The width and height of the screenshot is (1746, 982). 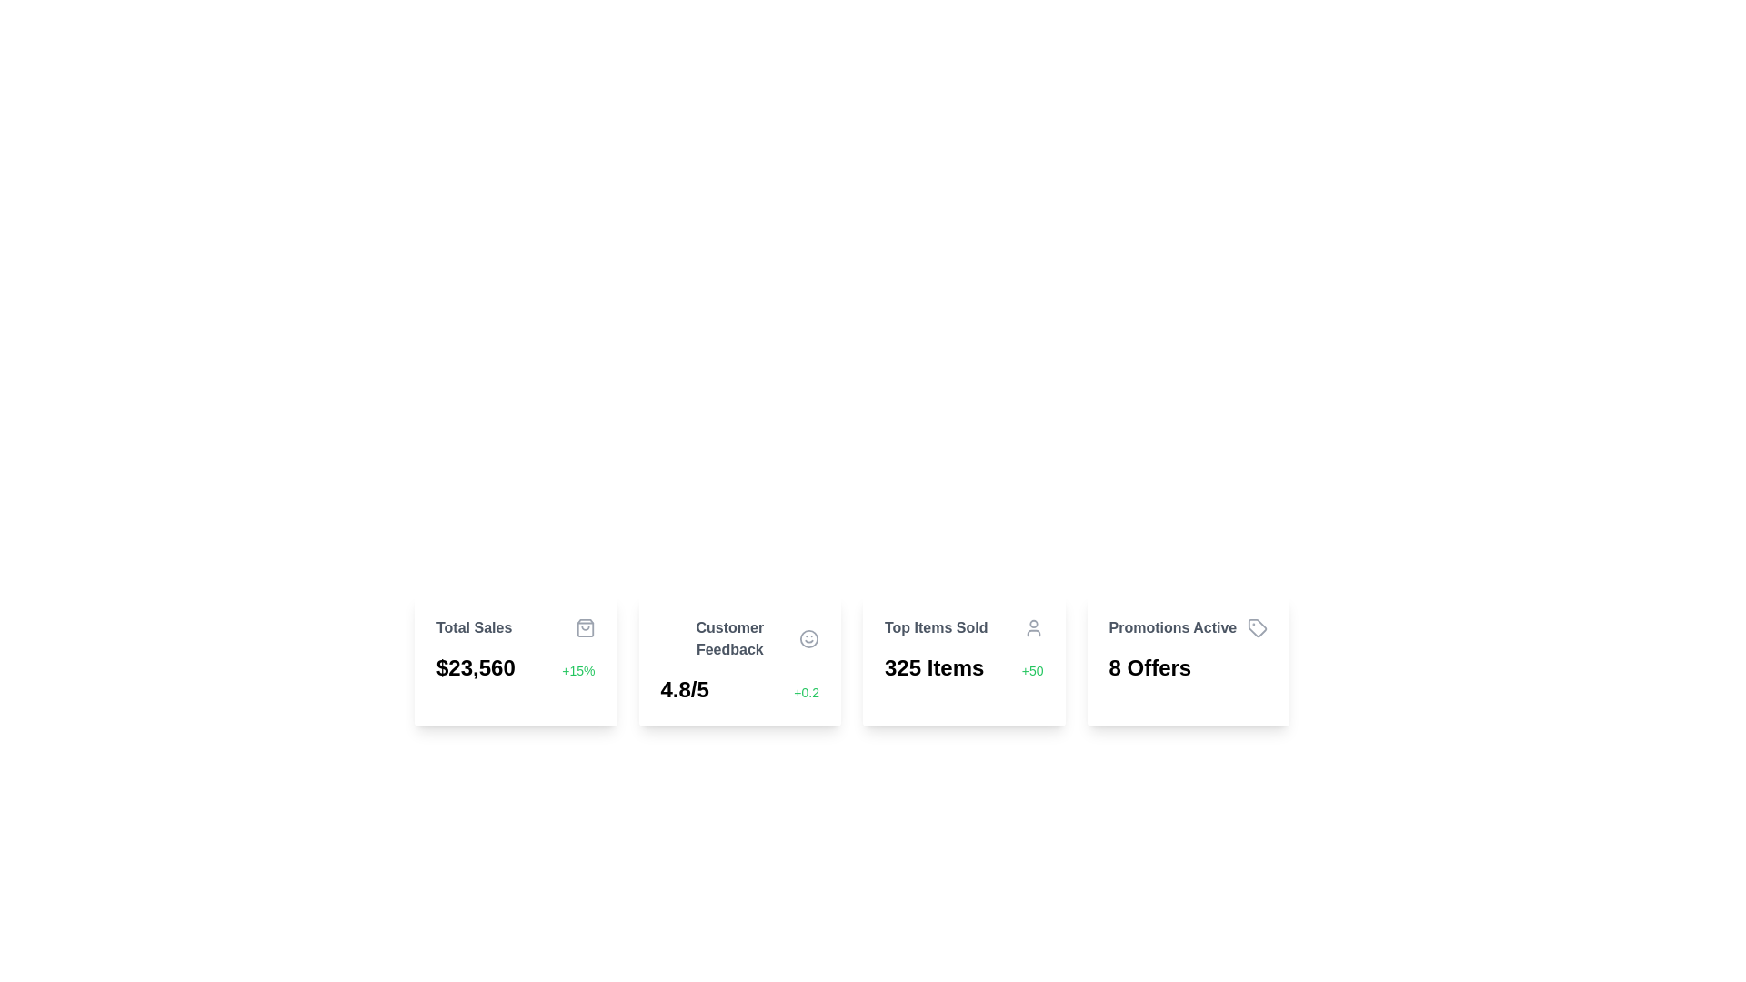 I want to click on the top-left sub-component of the shopping bag icon within the 'Total Sales' card, so click(x=585, y=626).